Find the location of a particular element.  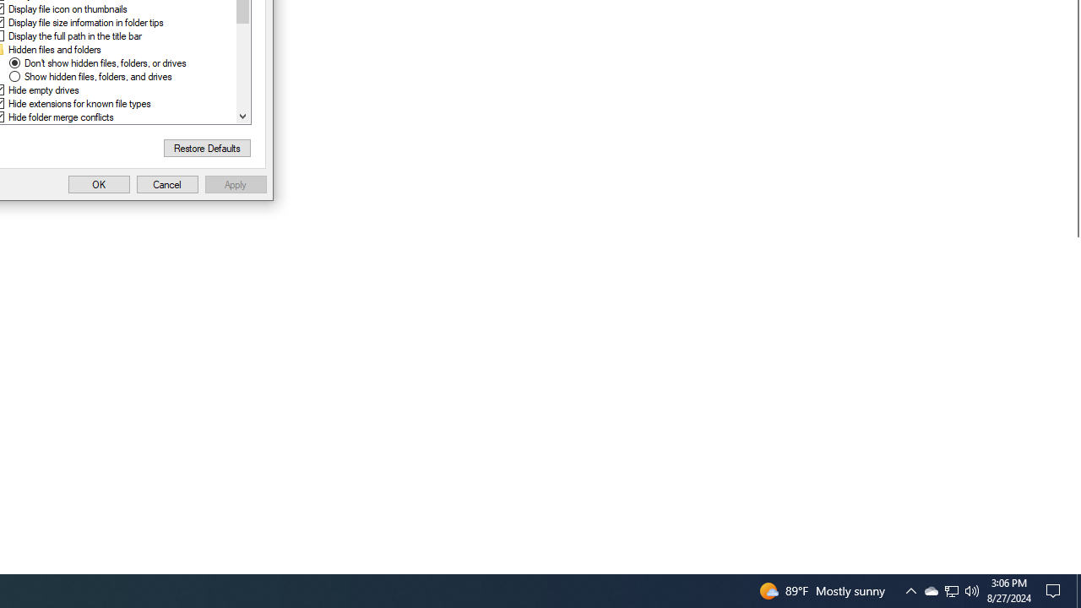

'Display file size information in folder tips' is located at coordinates (84, 23).